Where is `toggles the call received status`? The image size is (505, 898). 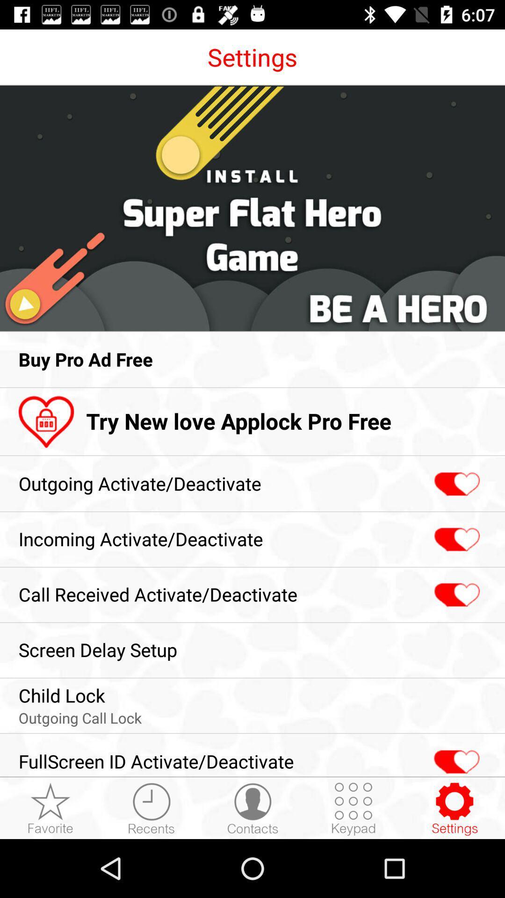
toggles the call received status is located at coordinates (455, 594).